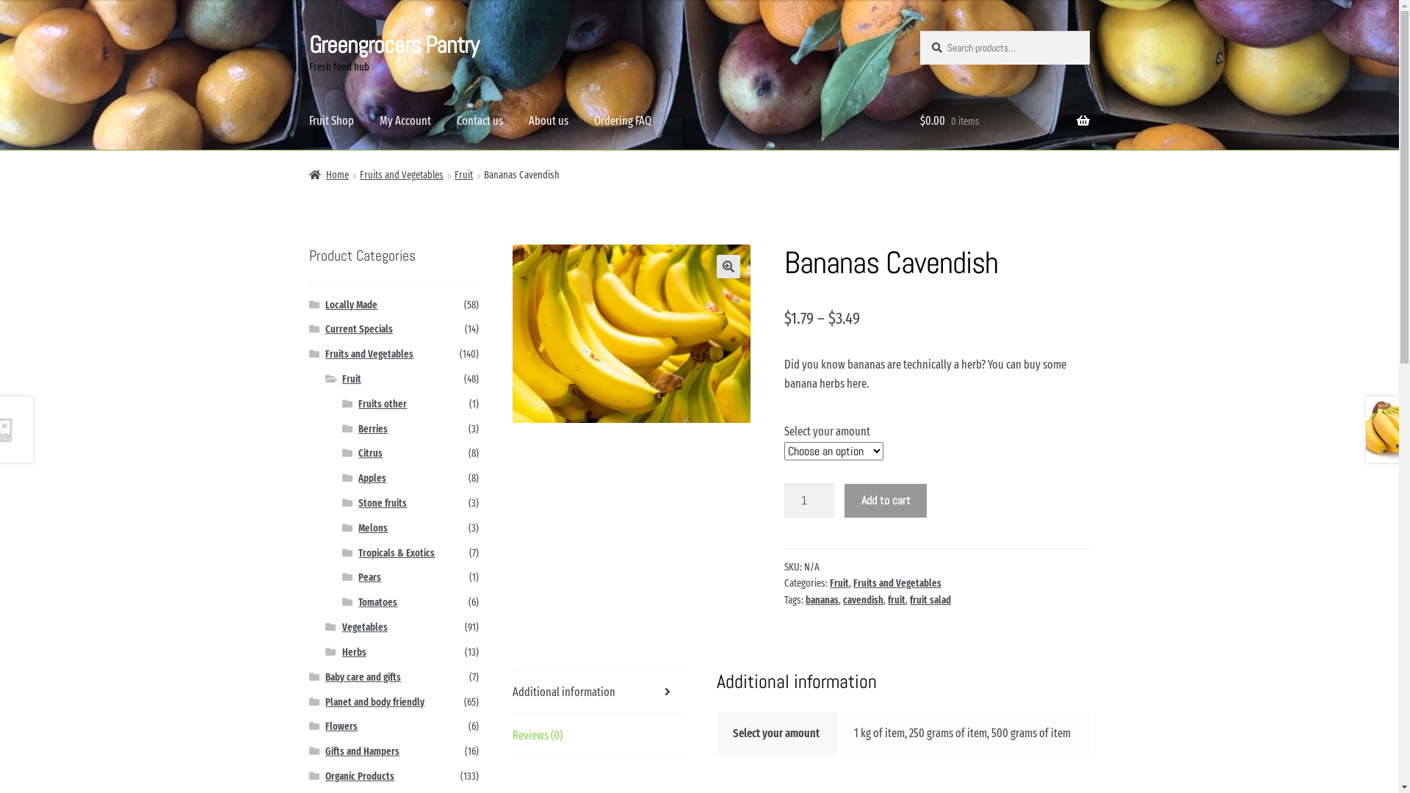 This screenshot has width=1410, height=793. What do you see at coordinates (373, 429) in the screenshot?
I see `'Berries'` at bounding box center [373, 429].